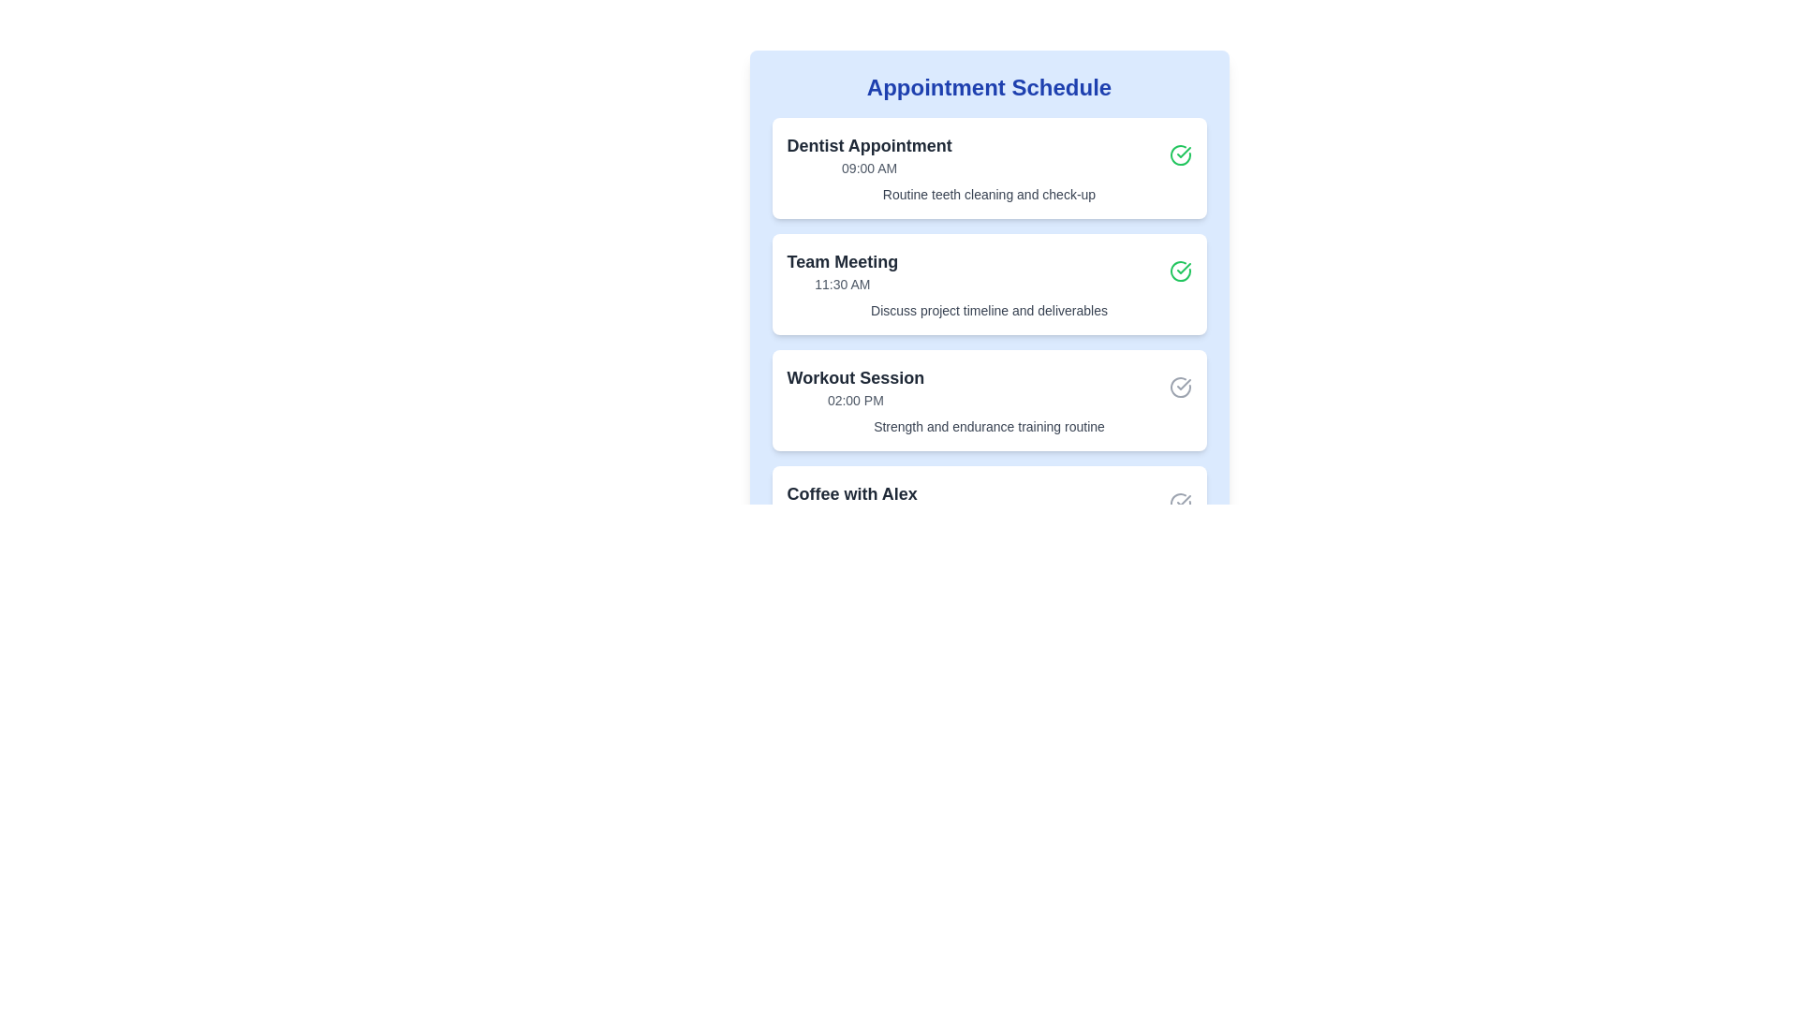 The width and height of the screenshot is (1798, 1011). I want to click on information displayed in the text label that reads 'Strength and endurance training routine', which is styled in dark-gray color and positioned beneath the sub-header 'Workout Session', so click(988, 426).